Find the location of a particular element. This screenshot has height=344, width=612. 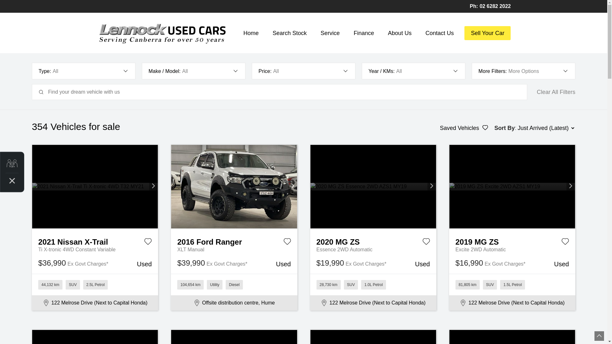

'Sell Your Car' is located at coordinates (487, 33).